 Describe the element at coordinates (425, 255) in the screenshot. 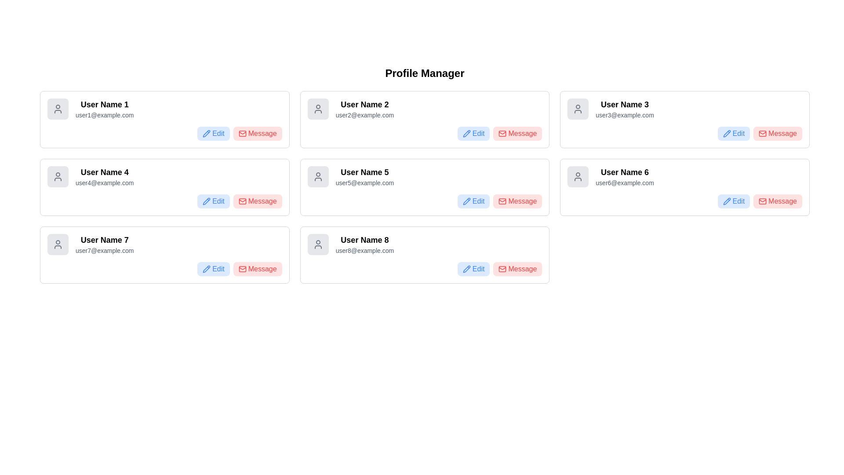

I see `the 'Message' button on the card labeled 'User Name 8' which is located in the bottom-right corner of the grid layout` at that location.